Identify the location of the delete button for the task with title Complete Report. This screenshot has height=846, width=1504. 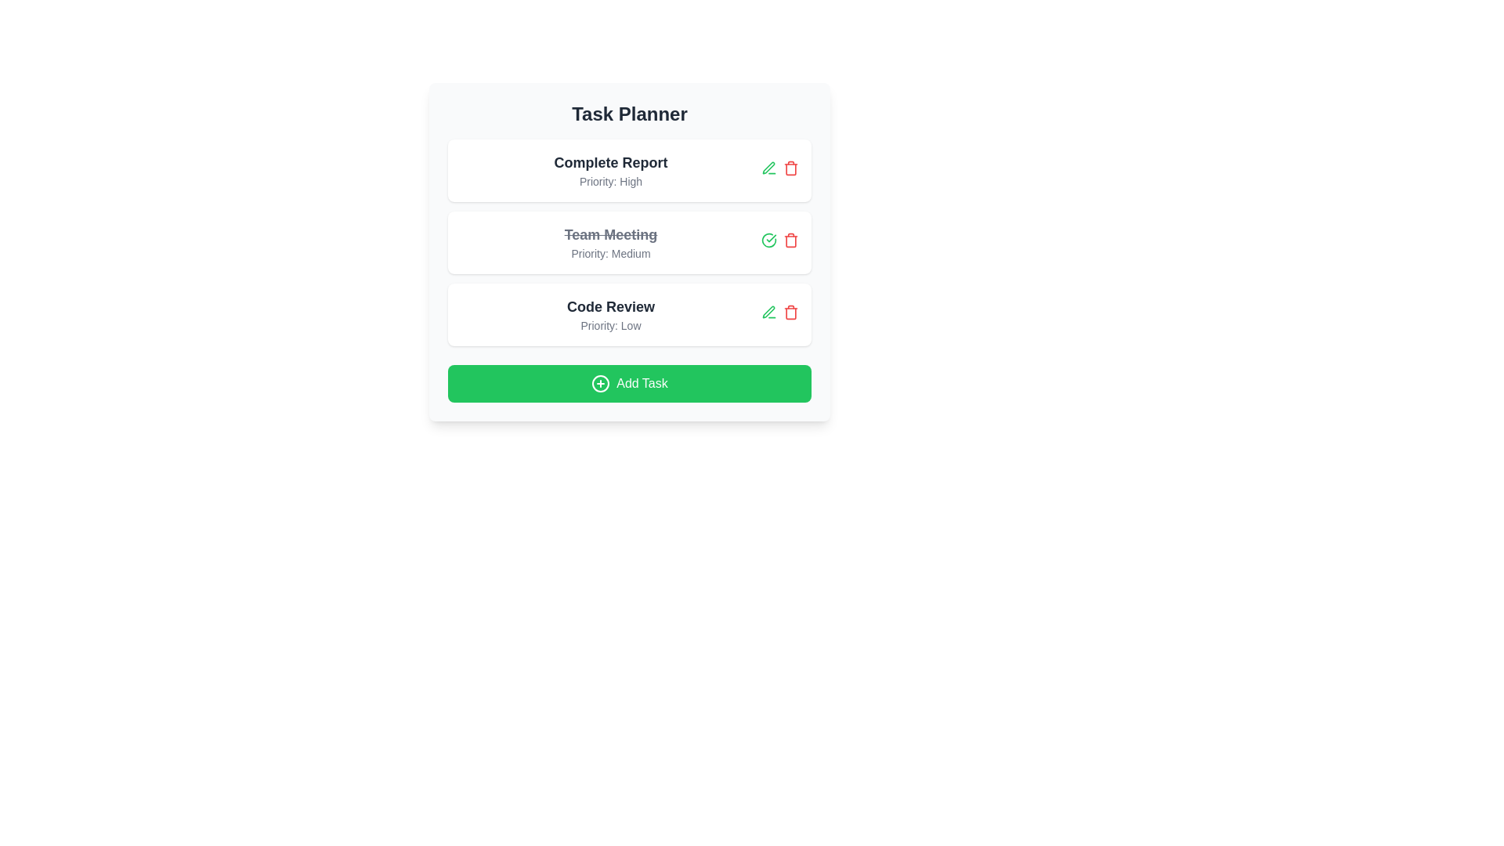
(790, 168).